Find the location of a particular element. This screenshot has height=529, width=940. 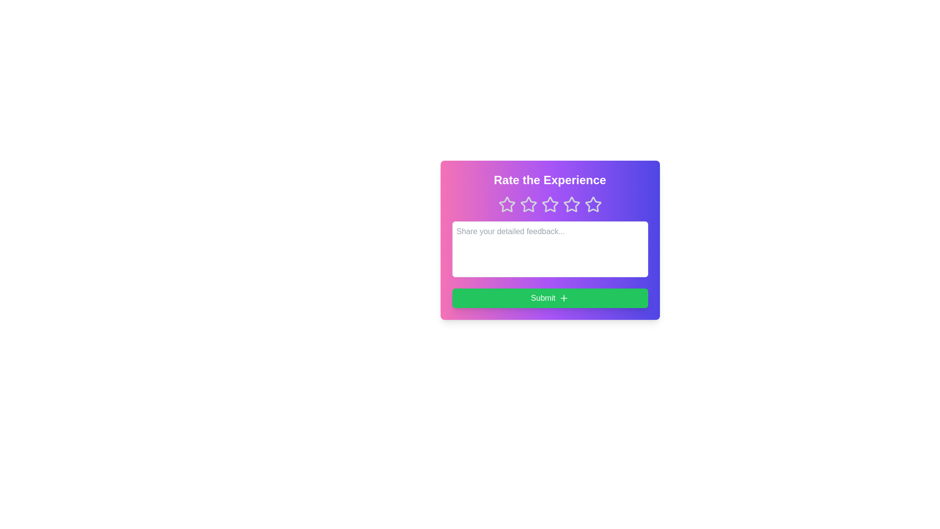

the star corresponding to 2 to preview the rating is located at coordinates (528, 204).